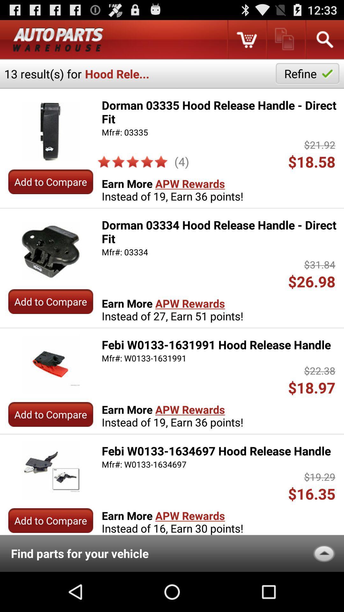 This screenshot has height=612, width=344. Describe the element at coordinates (58, 39) in the screenshot. I see `home` at that location.